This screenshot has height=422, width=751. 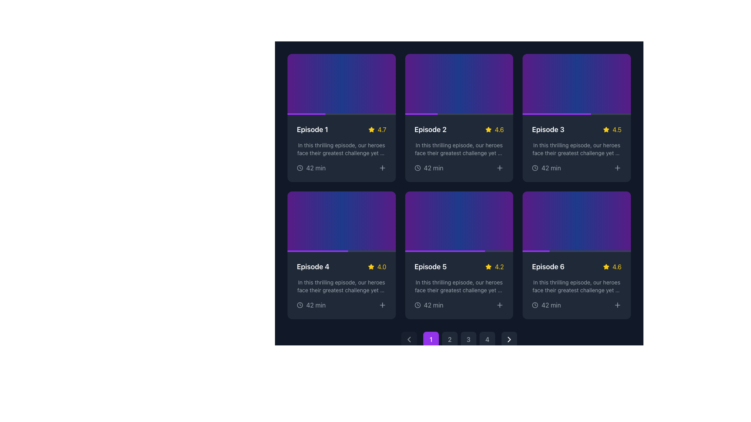 What do you see at coordinates (313, 266) in the screenshot?
I see `to select the text of the 'Episode 4' label located in the bottom-left card of the second row within the episode cards grid` at bounding box center [313, 266].